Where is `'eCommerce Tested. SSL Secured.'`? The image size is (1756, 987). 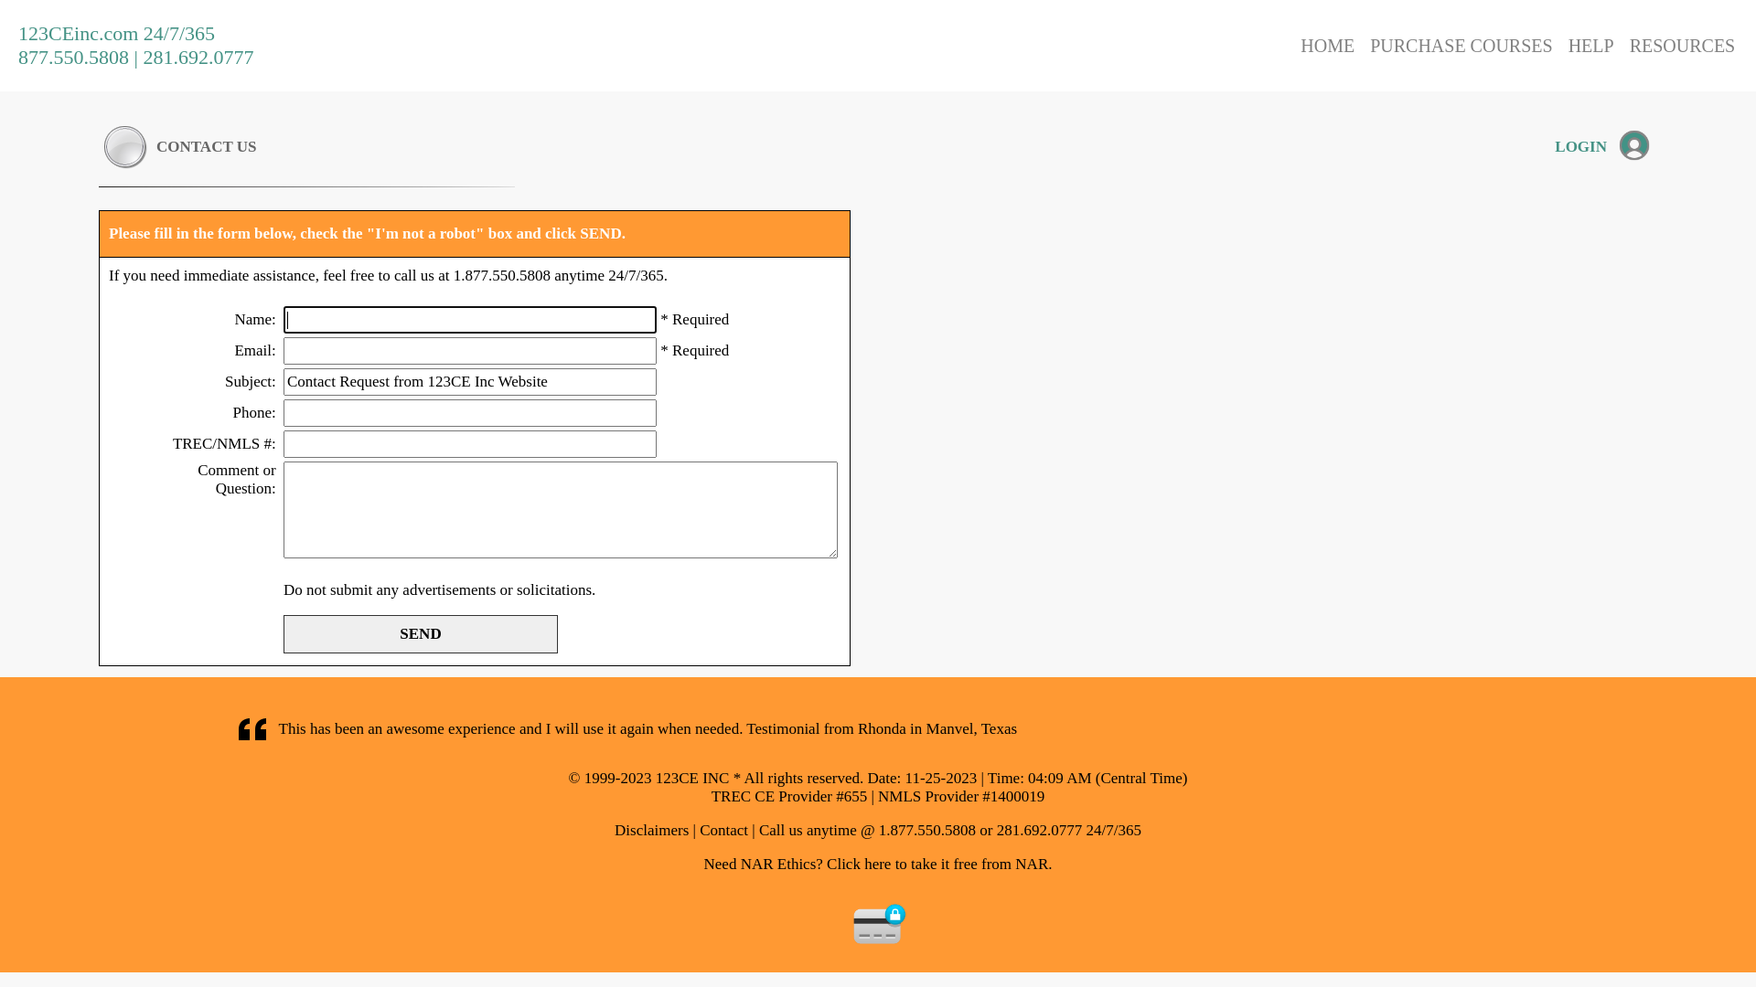 'eCommerce Tested. SSL Secured.' is located at coordinates (879, 923).